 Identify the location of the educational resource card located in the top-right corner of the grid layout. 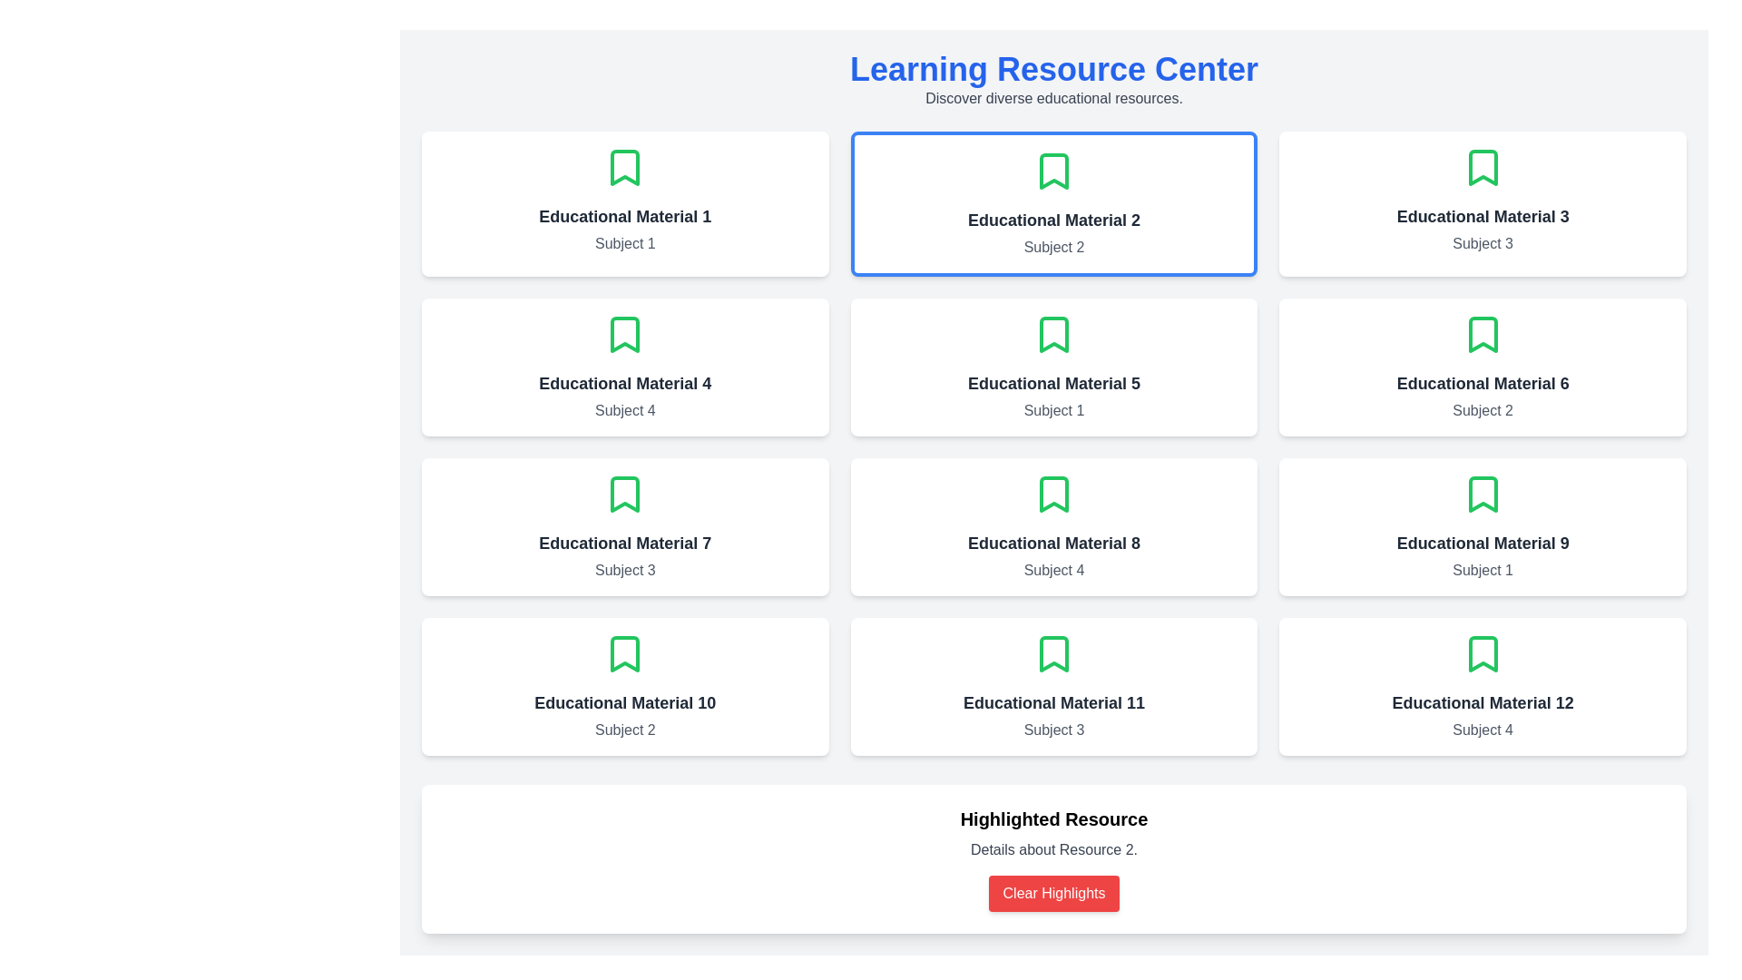
(1483, 203).